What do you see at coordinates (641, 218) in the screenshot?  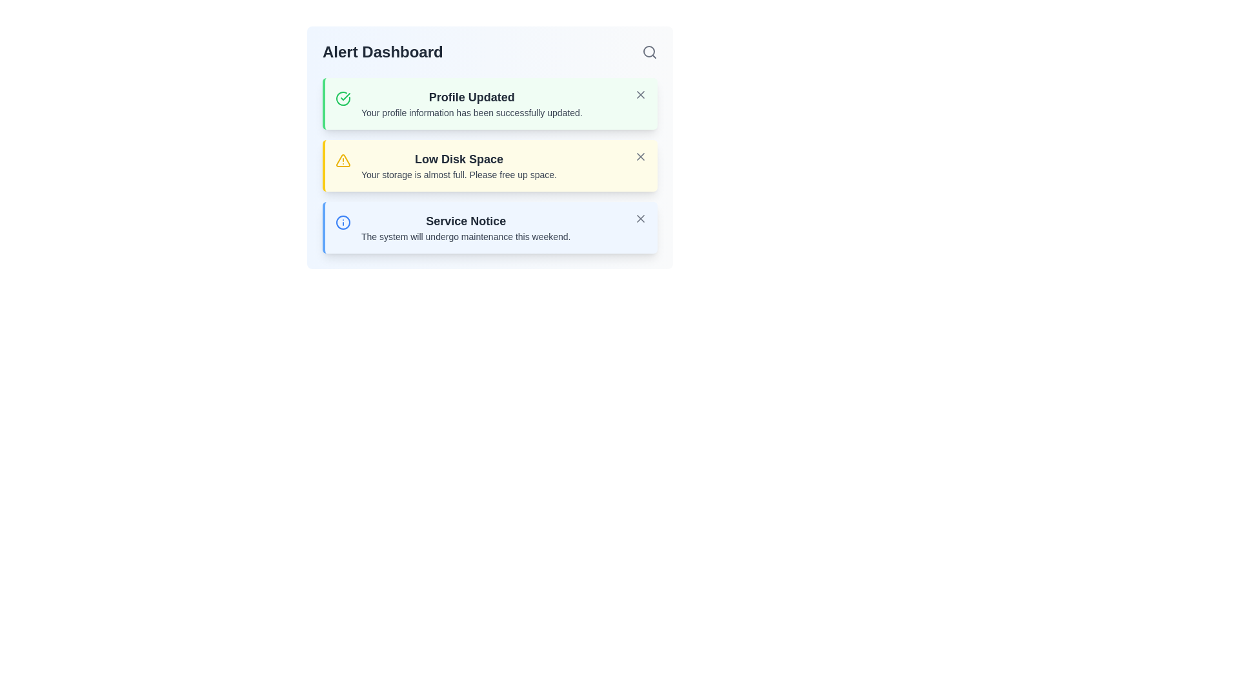 I see `the close button located at the top-right corner of the 'Service Notice' notification card` at bounding box center [641, 218].